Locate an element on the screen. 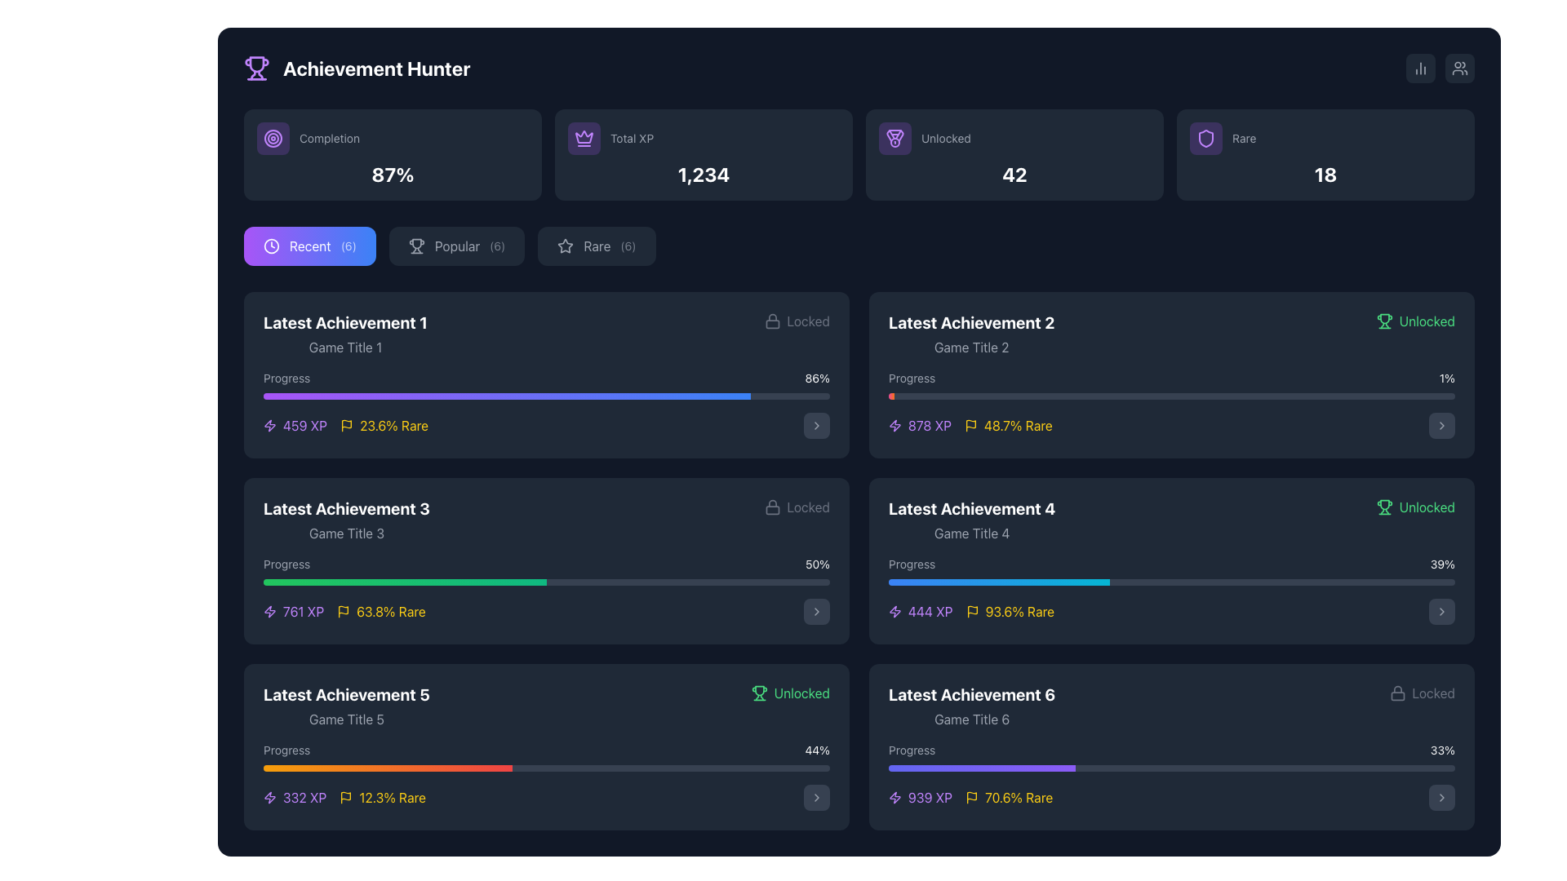 This screenshot has height=881, width=1567. the upper part of the flag shape within the SVG icon located in the bottom-right section of the 'Latest Achievement 4' card is located at coordinates (972, 610).